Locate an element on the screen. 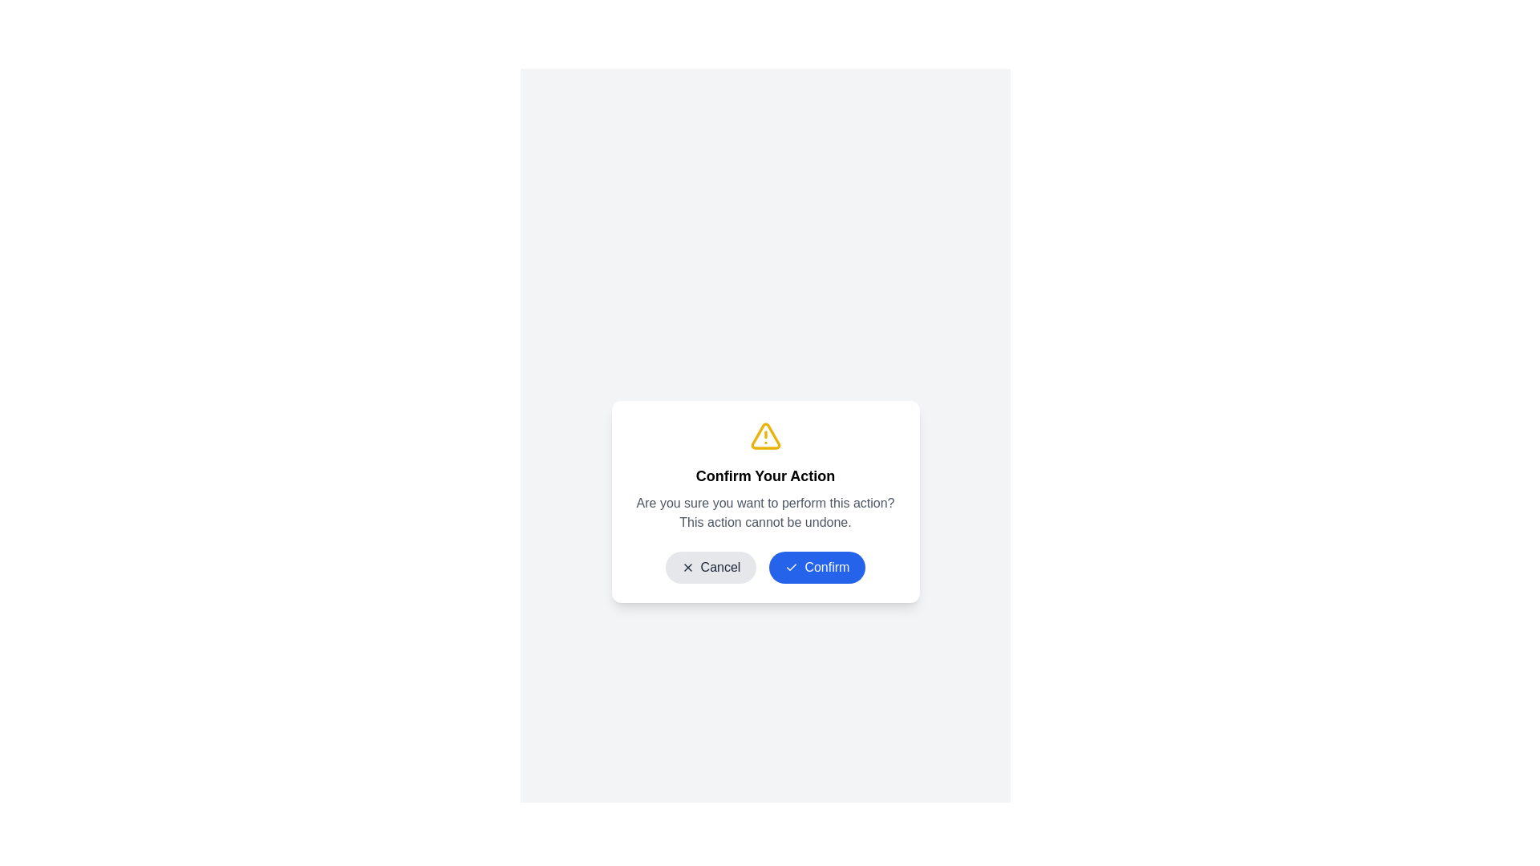 The height and width of the screenshot is (866, 1540). the confirm button located in the bottom-right corner of the modal dialog box is located at coordinates (817, 567).